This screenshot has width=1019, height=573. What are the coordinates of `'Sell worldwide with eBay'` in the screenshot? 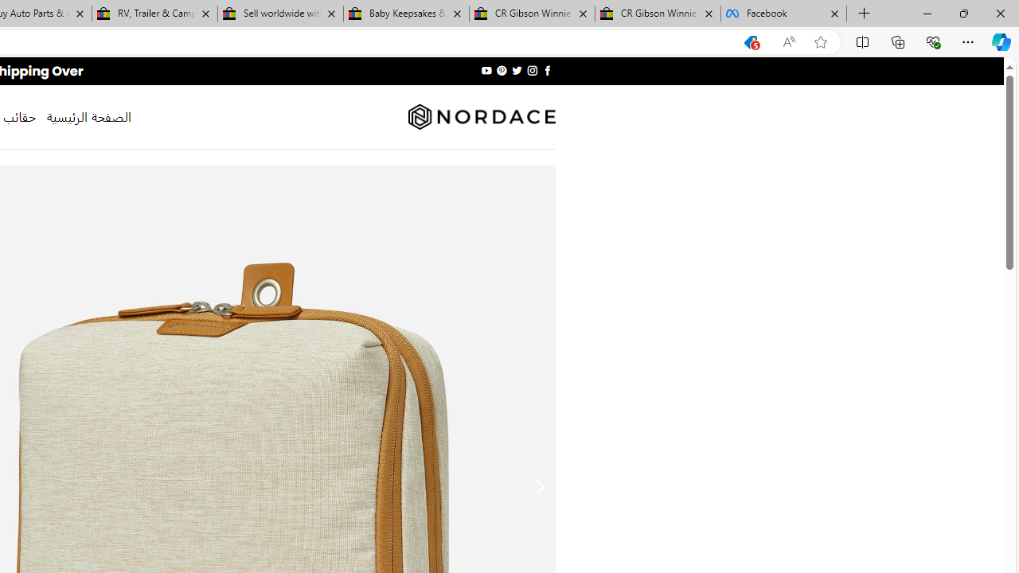 It's located at (280, 14).